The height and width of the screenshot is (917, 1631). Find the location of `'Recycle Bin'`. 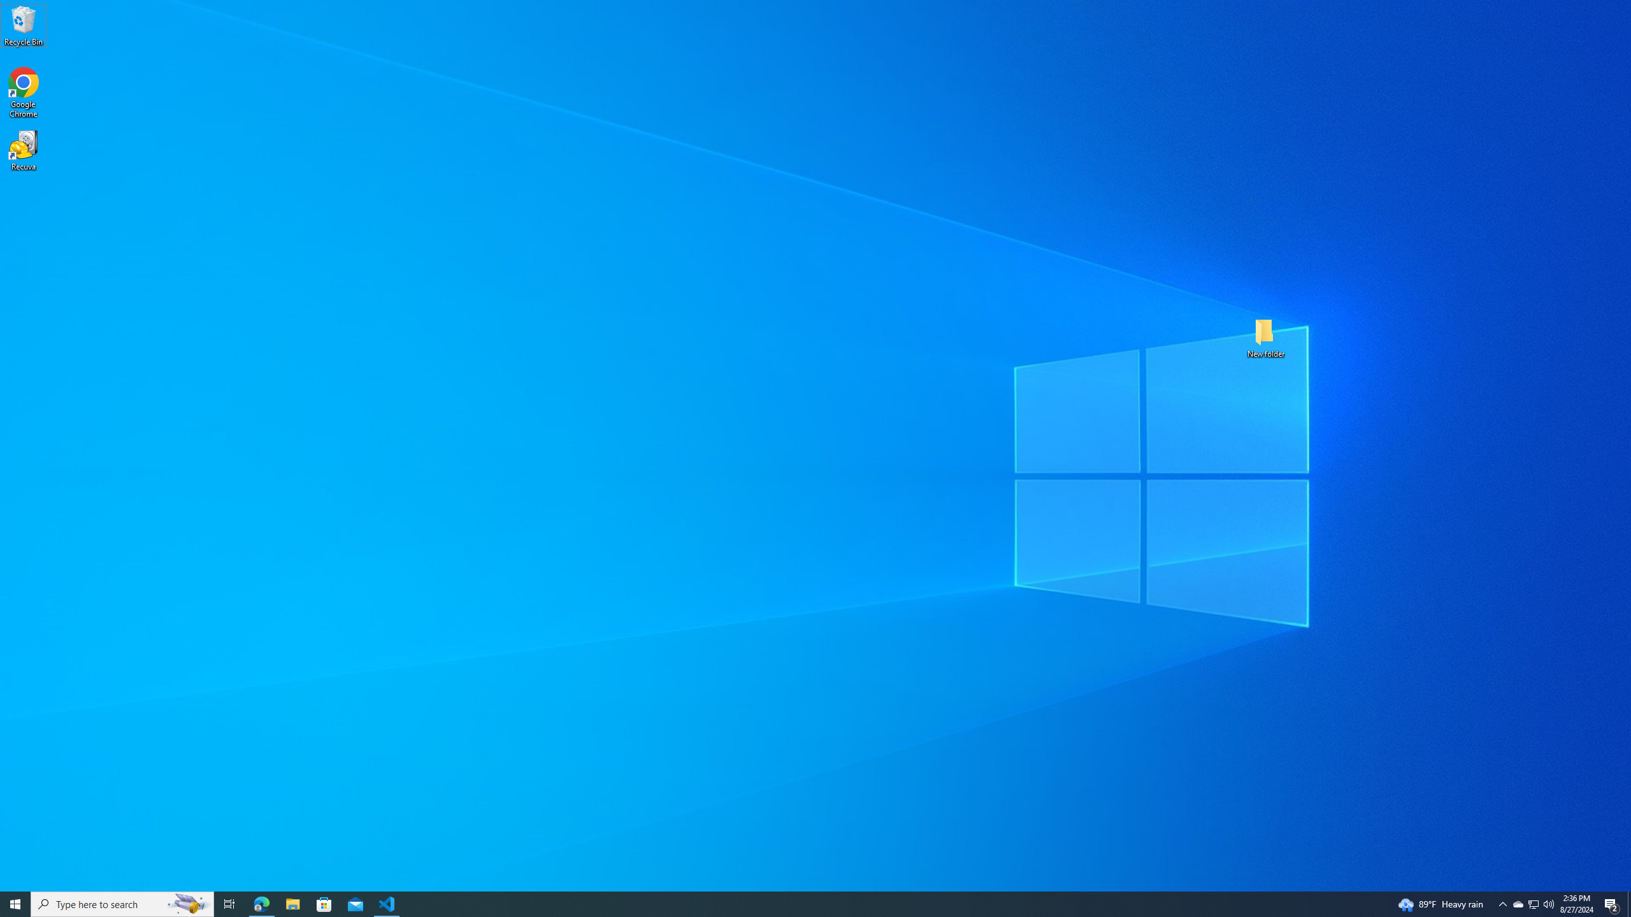

'Recycle Bin' is located at coordinates (23, 24).